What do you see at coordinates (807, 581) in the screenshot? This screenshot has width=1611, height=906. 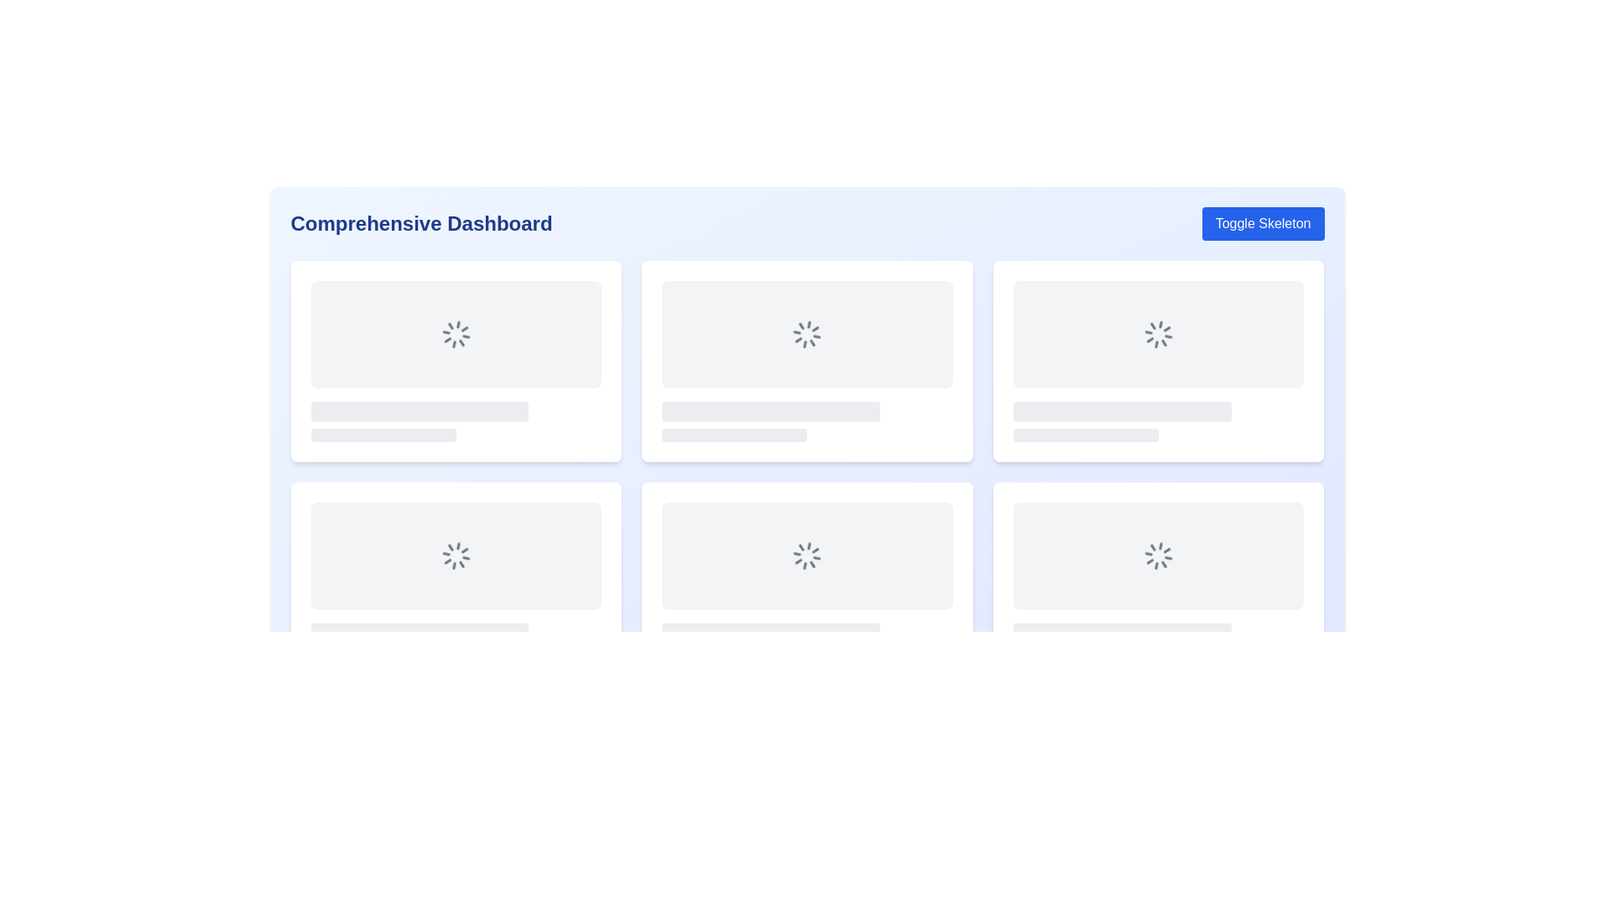 I see `the Loading Placeholder with Spinner, which is a white rectangular box with rounded corners and a gray loading spinner in the center, located in the second row and second column of a 3x2 grid layout under the 'Comprehensive Dashboard' top bar` at bounding box center [807, 581].